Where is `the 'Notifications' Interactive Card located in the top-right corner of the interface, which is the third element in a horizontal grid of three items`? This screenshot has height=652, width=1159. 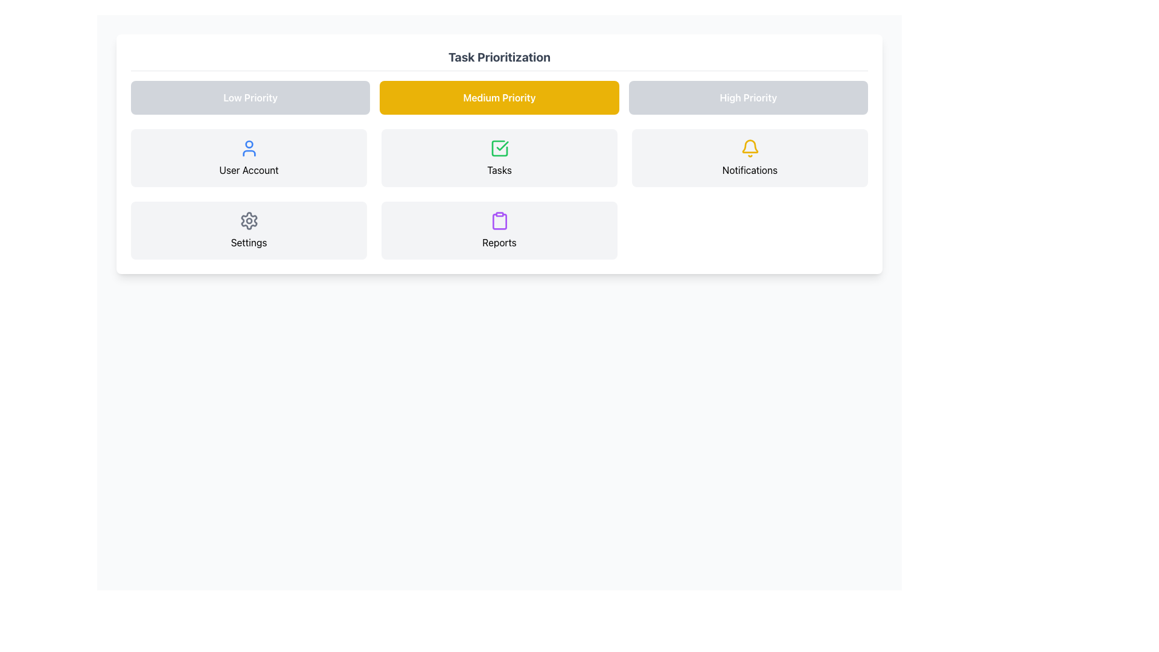
the 'Notifications' Interactive Card located in the top-right corner of the interface, which is the third element in a horizontal grid of three items is located at coordinates (749, 158).